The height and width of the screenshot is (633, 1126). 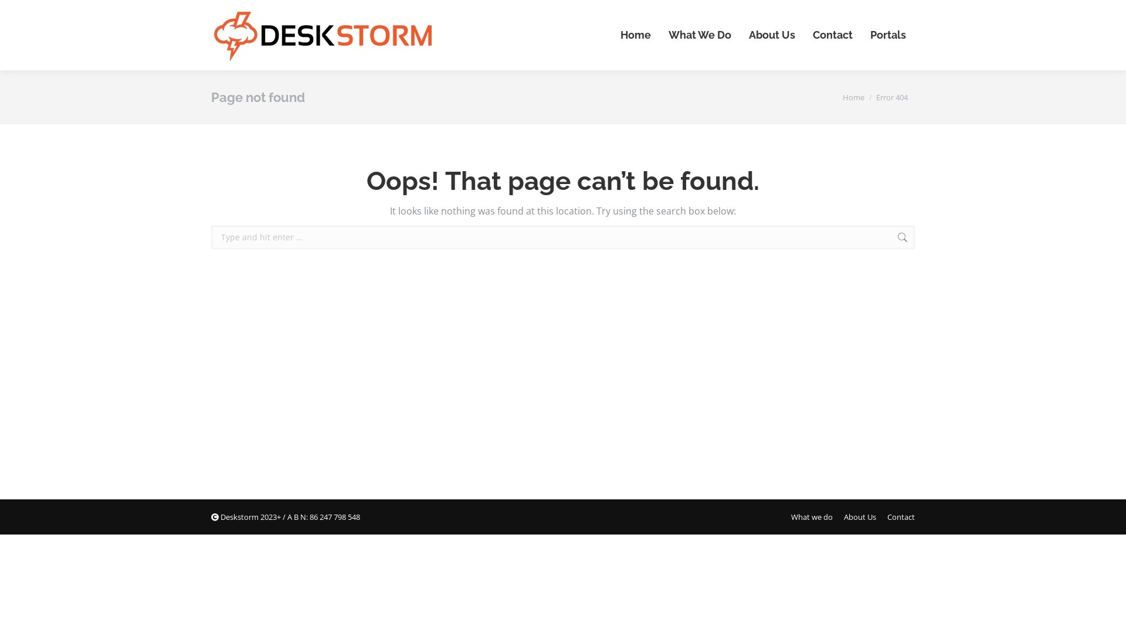 What do you see at coordinates (772, 35) in the screenshot?
I see `'About Us'` at bounding box center [772, 35].